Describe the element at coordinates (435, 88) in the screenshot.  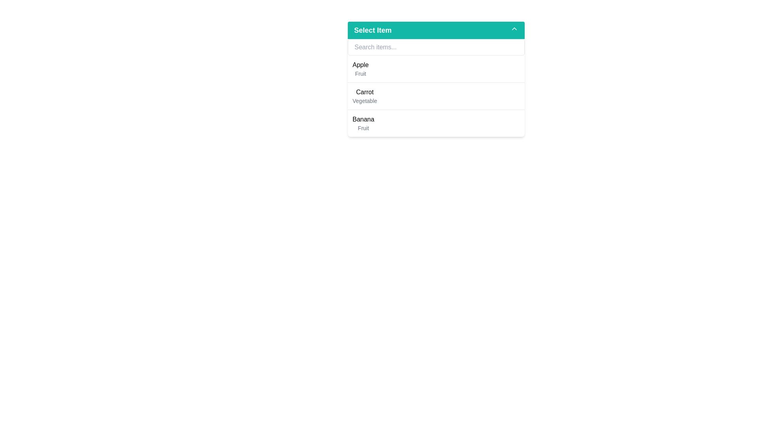
I see `the 'Carrot' dropdown list item, which is the second item in the 'Select Item' dropdown menu` at that location.